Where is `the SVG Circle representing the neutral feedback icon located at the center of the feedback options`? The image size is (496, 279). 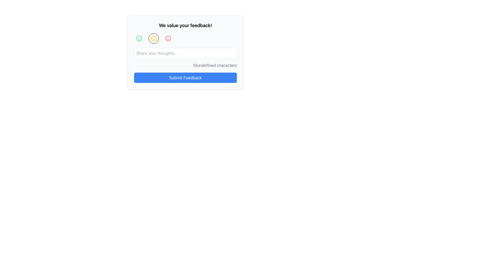 the SVG Circle representing the neutral feedback icon located at the center of the feedback options is located at coordinates (153, 38).